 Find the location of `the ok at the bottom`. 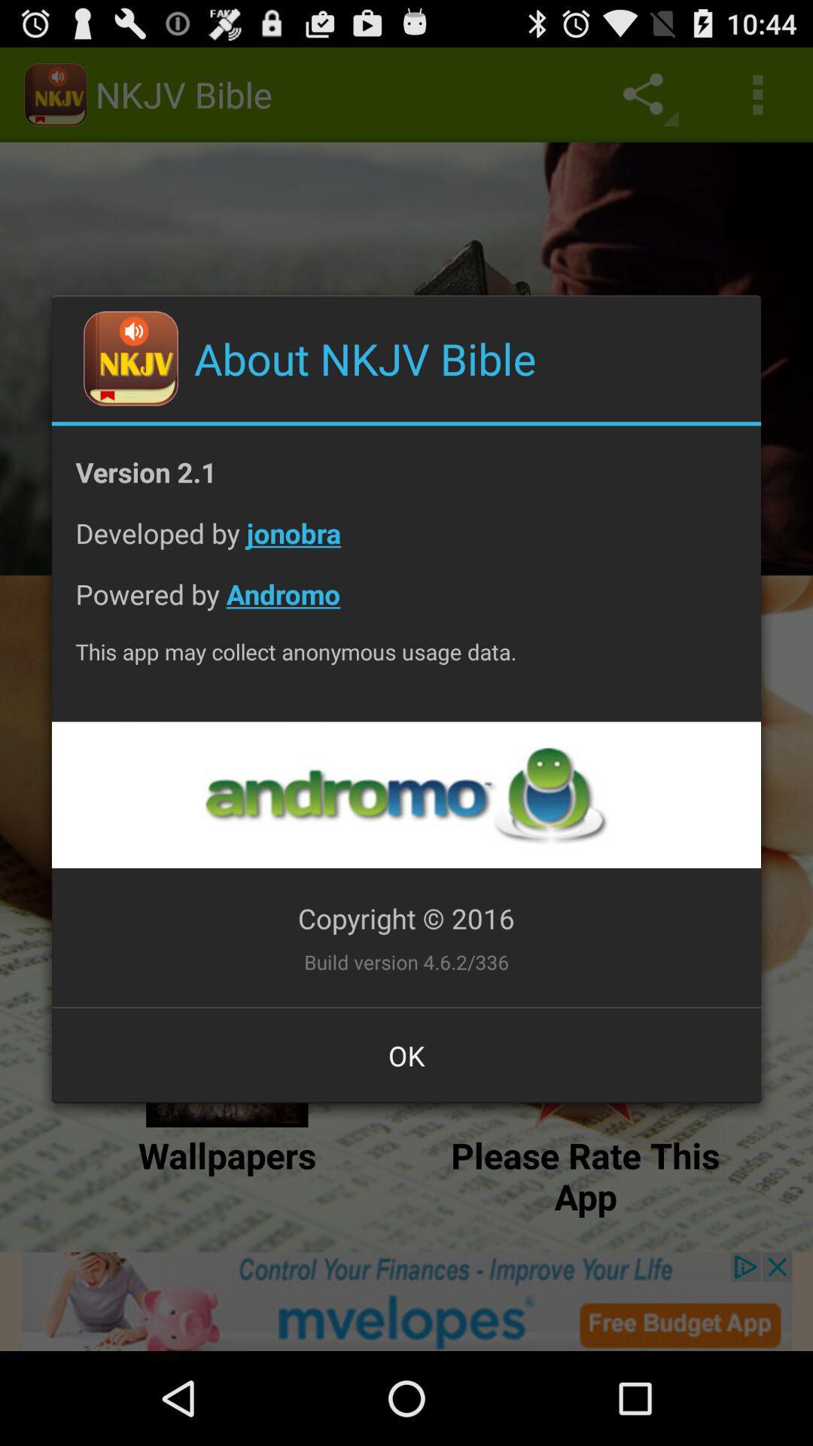

the ok at the bottom is located at coordinates (406, 1054).